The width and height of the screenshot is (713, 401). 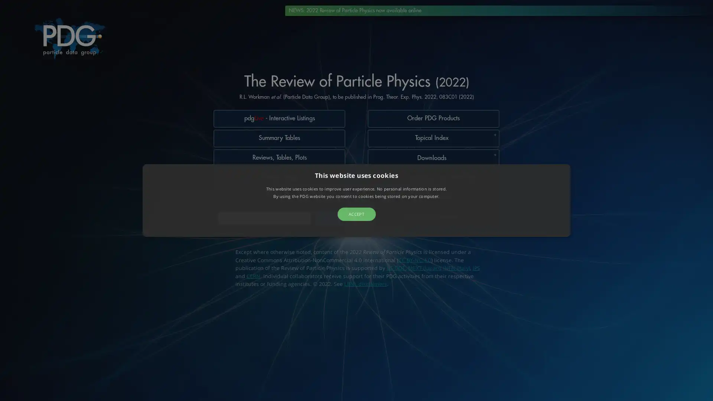 What do you see at coordinates (433, 161) in the screenshot?
I see `Downloads +` at bounding box center [433, 161].